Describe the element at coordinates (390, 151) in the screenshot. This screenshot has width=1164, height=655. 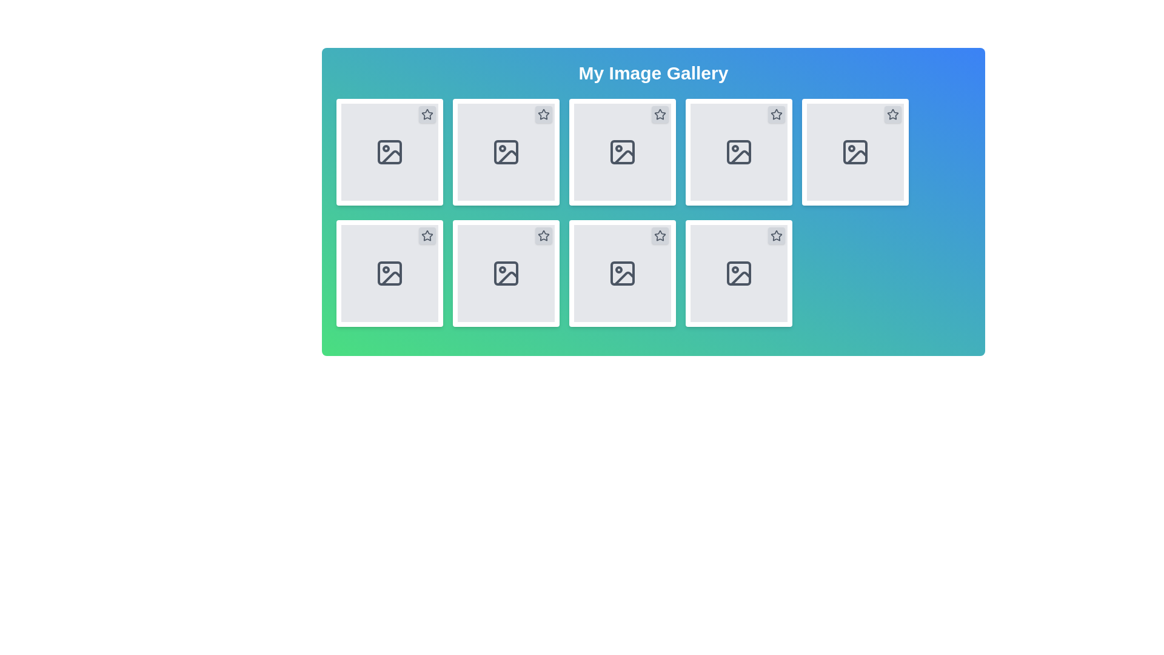
I see `the decorative rectangle with rounded corners located in the upper-left corner of the grid item component, which is styled in a dark shade and is part of an SVG element` at that location.